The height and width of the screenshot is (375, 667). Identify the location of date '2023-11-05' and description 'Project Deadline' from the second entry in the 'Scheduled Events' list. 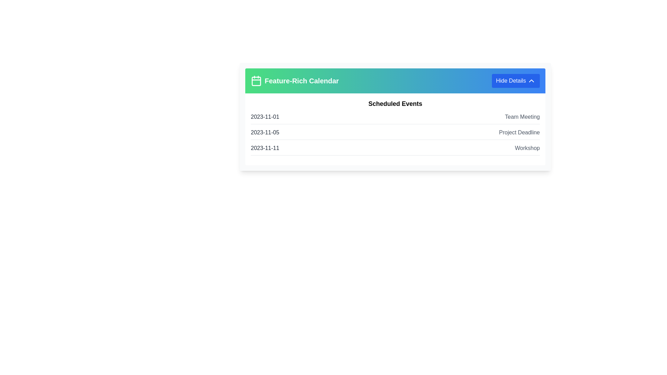
(395, 134).